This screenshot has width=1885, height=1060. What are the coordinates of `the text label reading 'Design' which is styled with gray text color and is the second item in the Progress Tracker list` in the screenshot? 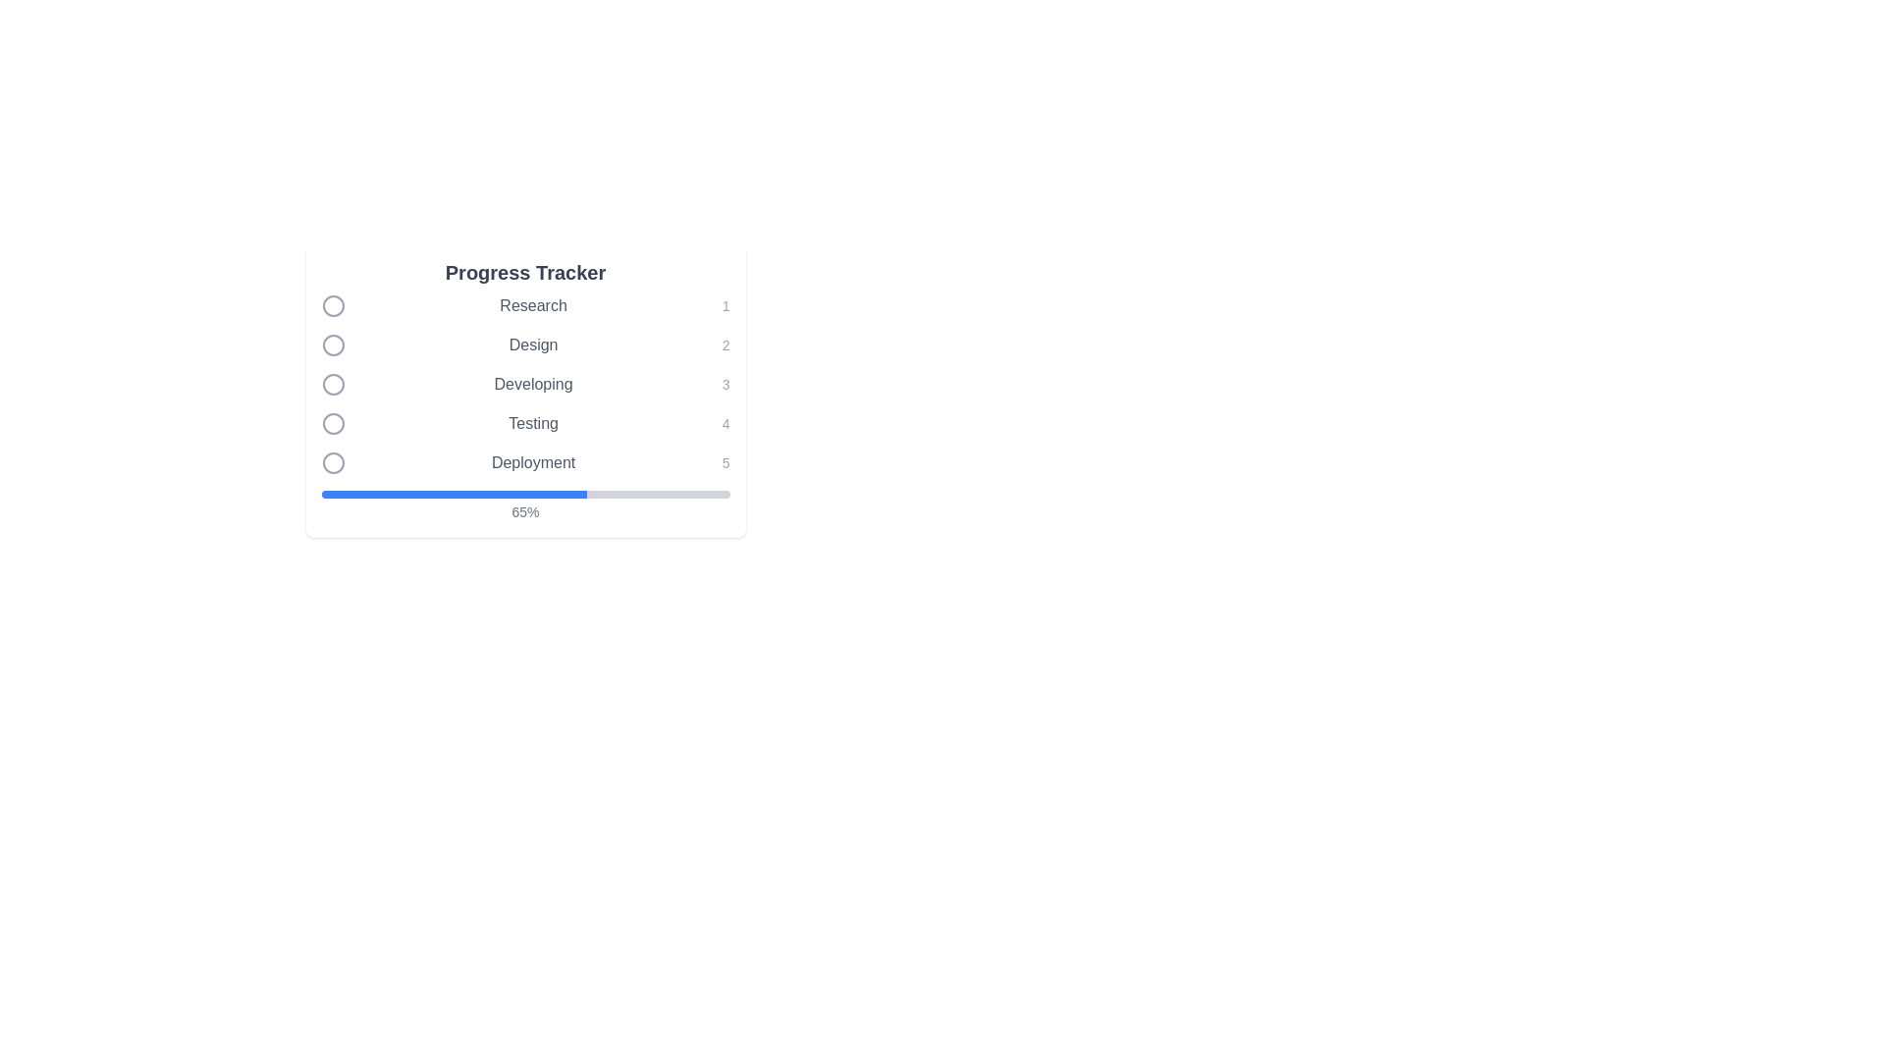 It's located at (533, 344).